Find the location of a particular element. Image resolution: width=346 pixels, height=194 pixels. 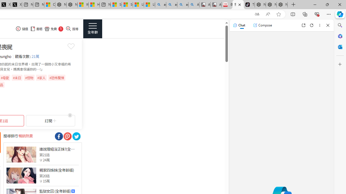

'Customize' is located at coordinates (340, 64).